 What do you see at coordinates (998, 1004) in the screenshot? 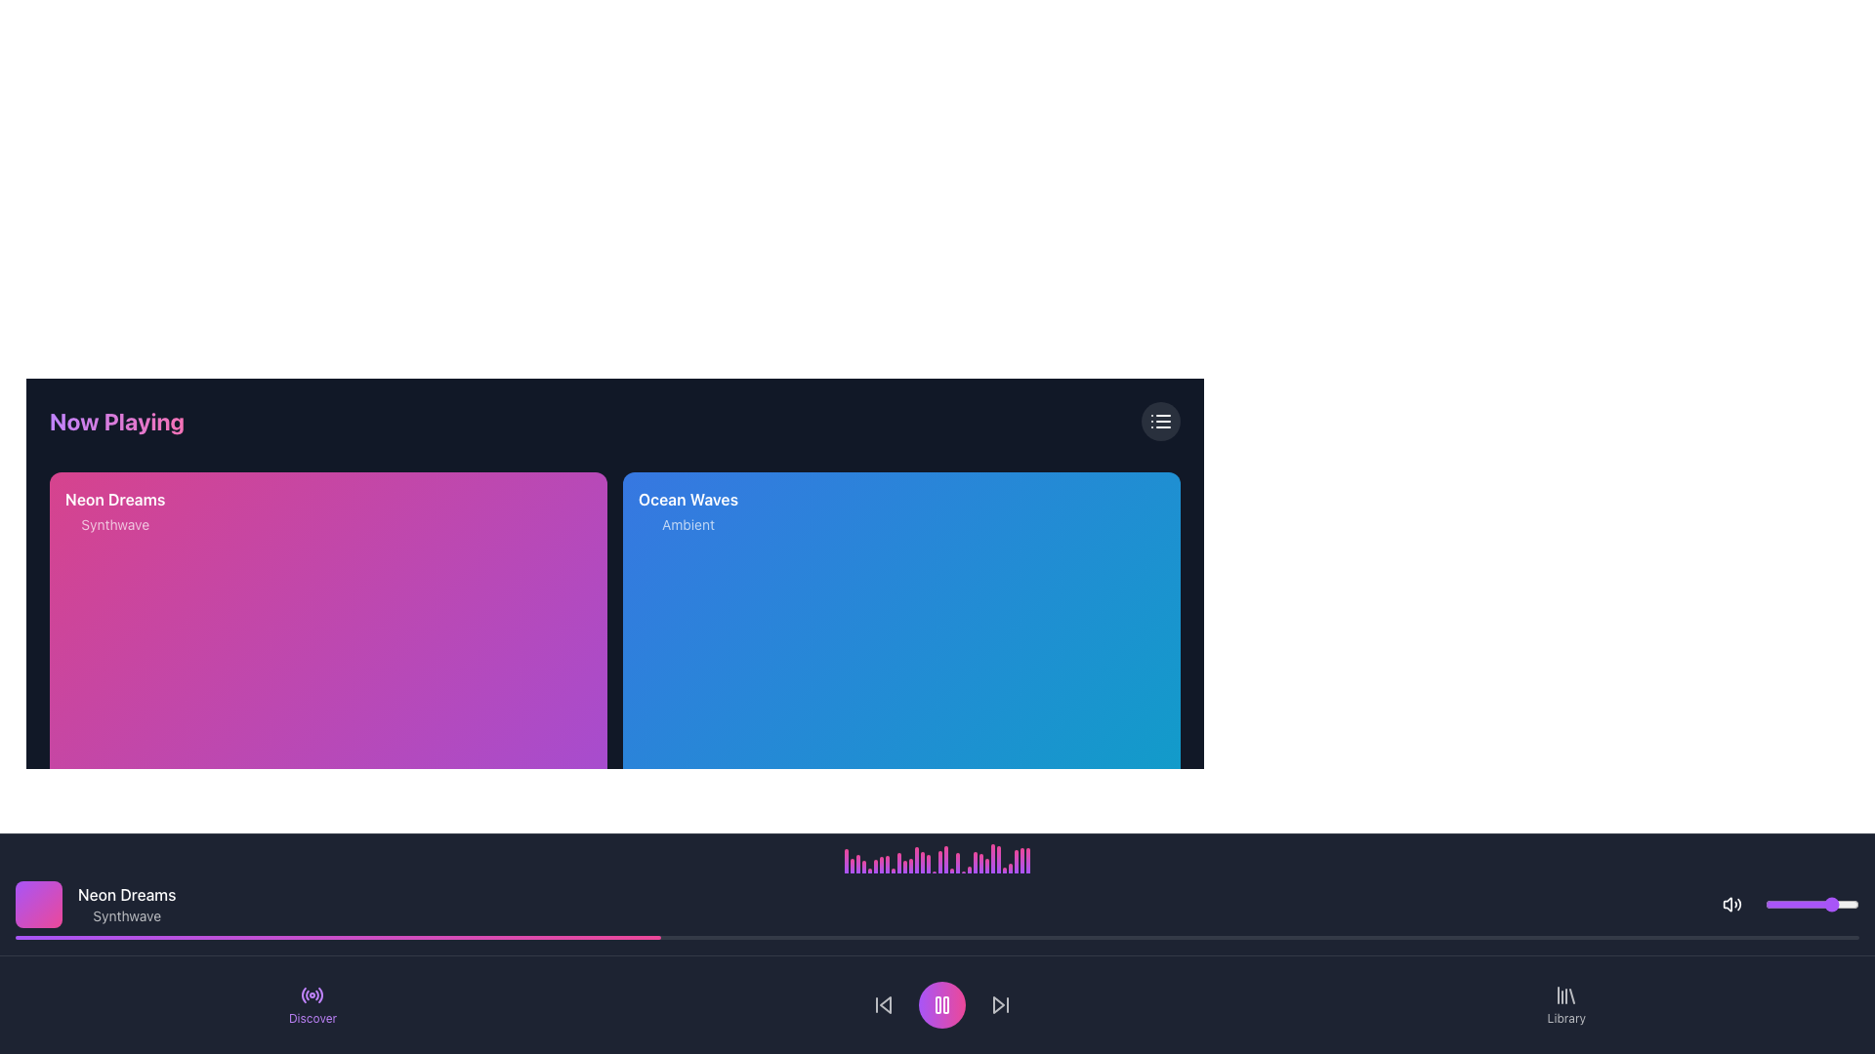
I see `the right-pointing arrow icon of the skip-forward button located in the bottom-right section of the media player's control panel` at bounding box center [998, 1004].